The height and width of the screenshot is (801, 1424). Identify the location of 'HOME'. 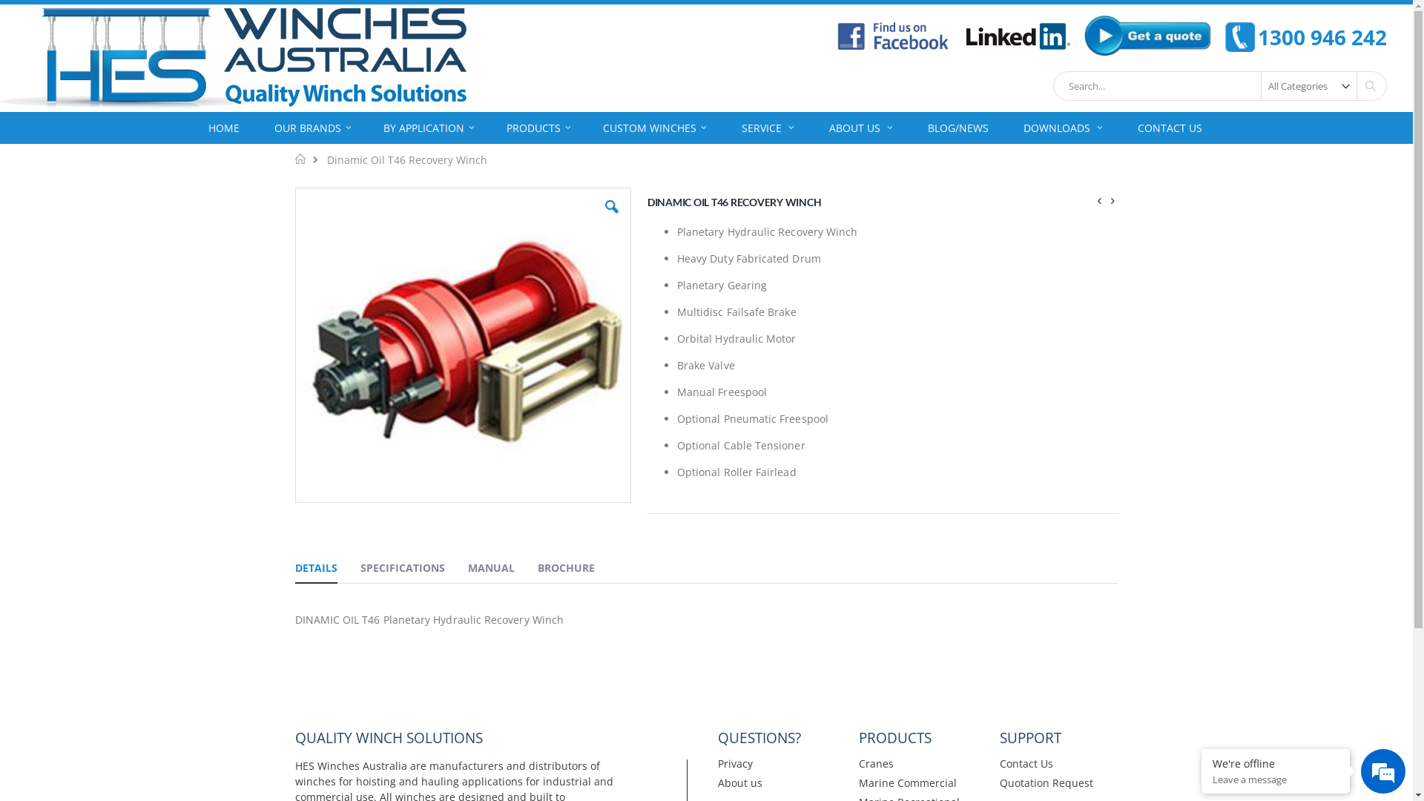
(223, 127).